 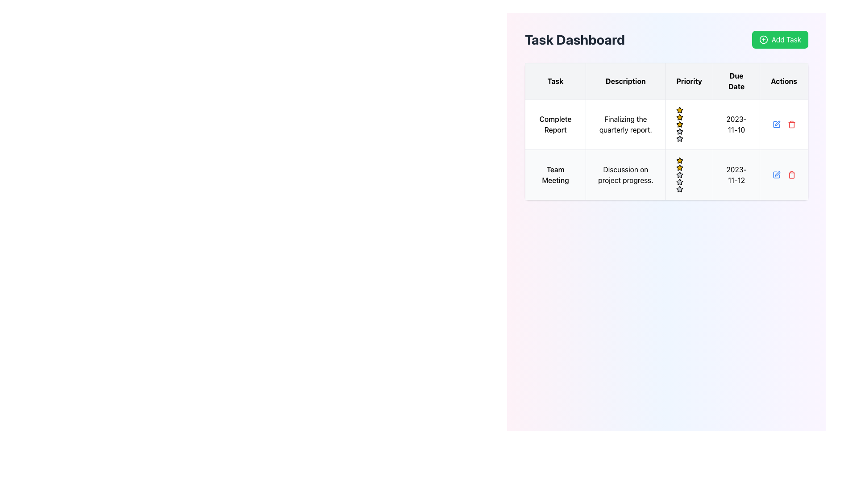 I want to click on the third star icon in the 'Priority' column of the table, which is part of the star rating for the 'Complete Report' row, so click(x=679, y=131).